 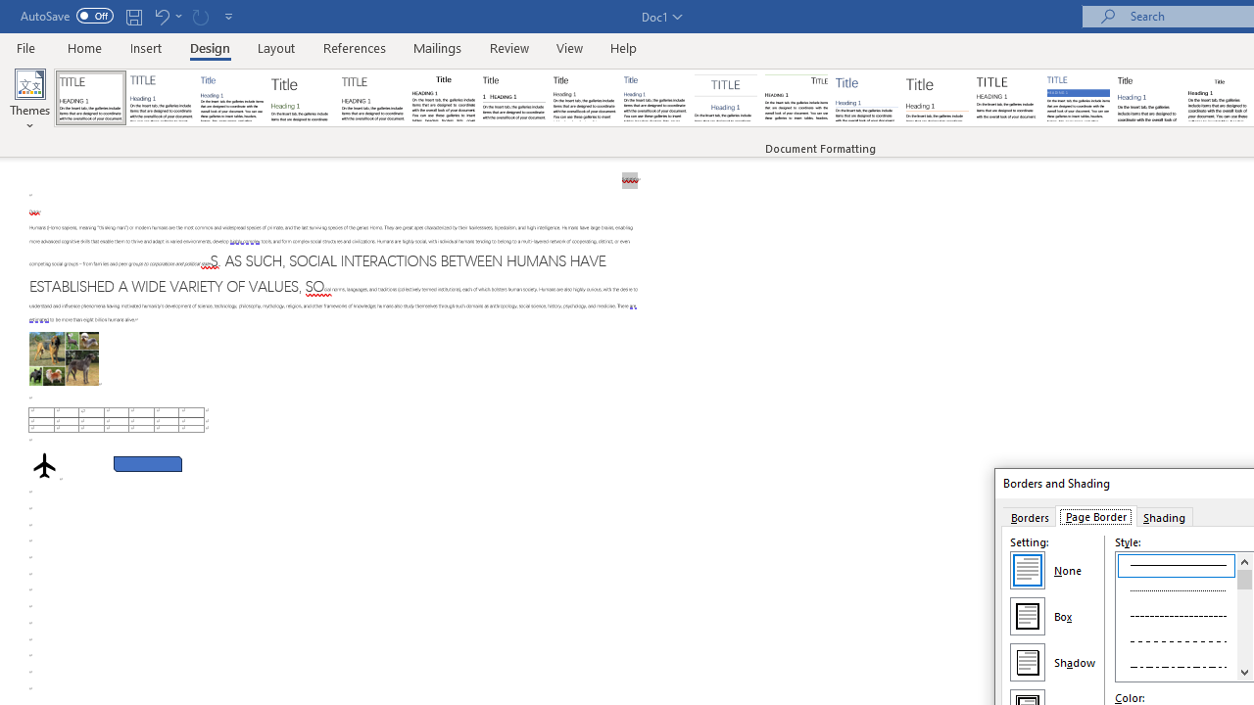 What do you see at coordinates (161, 16) in the screenshot?
I see `'Undo Paragraph Alignment'` at bounding box center [161, 16].